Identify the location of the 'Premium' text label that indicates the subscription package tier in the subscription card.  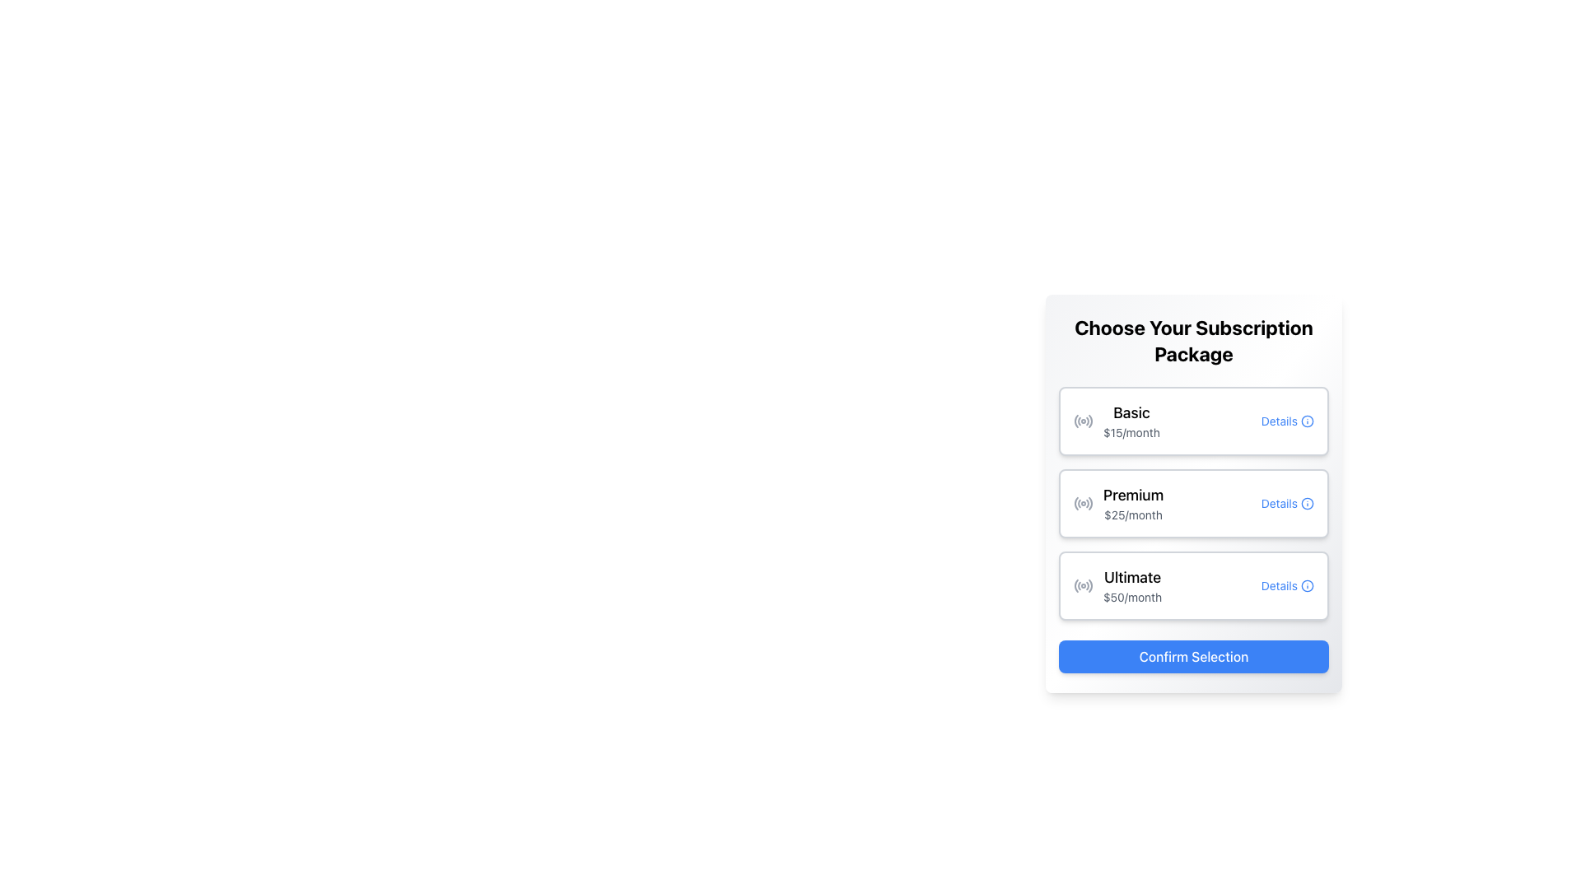
(1132, 494).